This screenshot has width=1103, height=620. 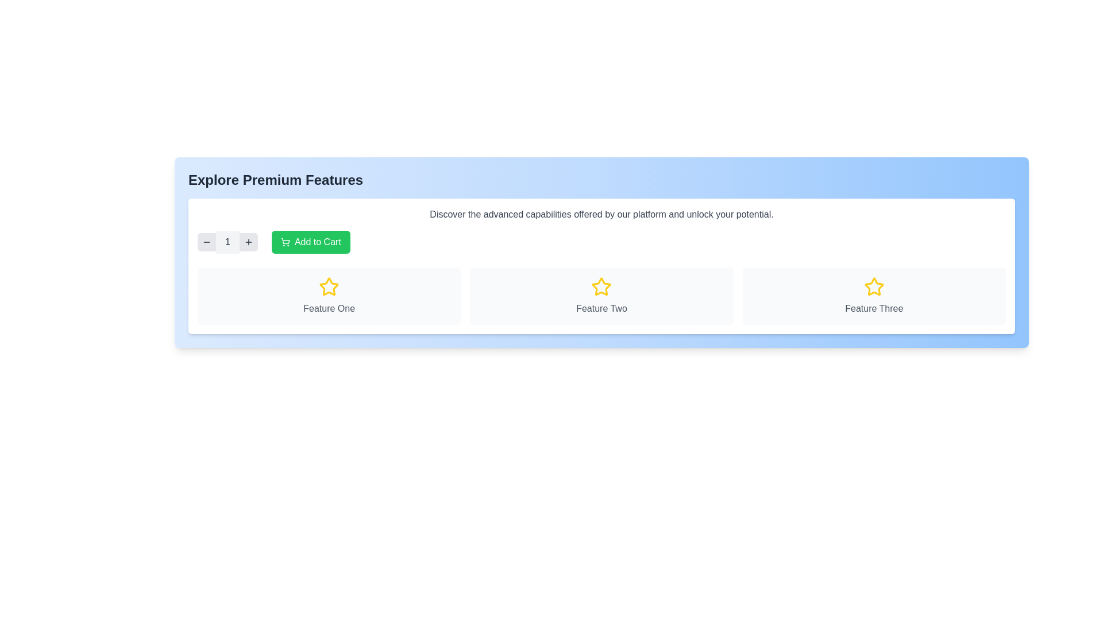 What do you see at coordinates (207, 241) in the screenshot?
I see `the decrement button located to the extreme left of the numeric display labeled '1', which is part of a sequence in the top-left quadrant of the interface card, to decrement the value` at bounding box center [207, 241].